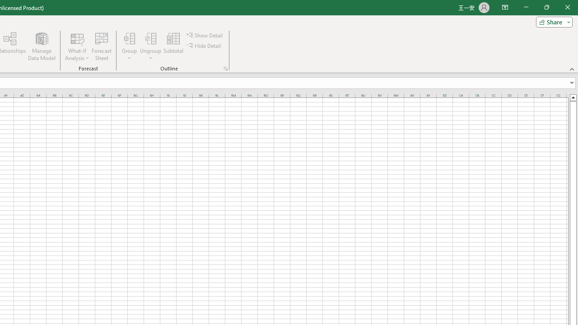 This screenshot has width=578, height=325. Describe the element at coordinates (173, 46) in the screenshot. I see `'Subtotal'` at that location.